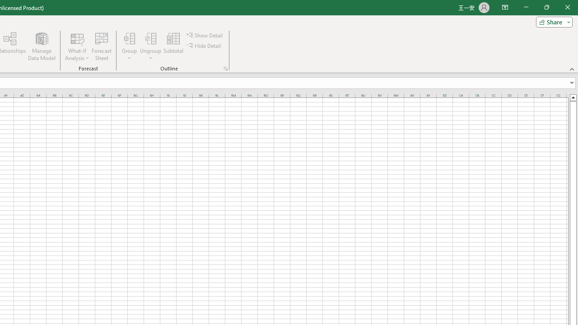 This screenshot has width=578, height=325. Describe the element at coordinates (173, 46) in the screenshot. I see `'Subtotal'` at that location.